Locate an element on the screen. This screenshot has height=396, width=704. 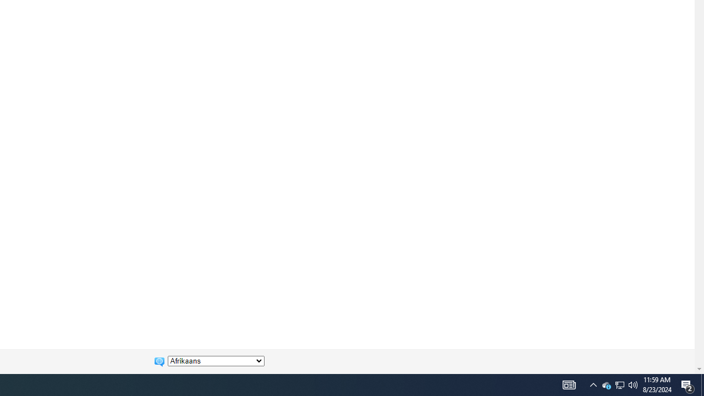
'Verander taal:' is located at coordinates (216, 361).